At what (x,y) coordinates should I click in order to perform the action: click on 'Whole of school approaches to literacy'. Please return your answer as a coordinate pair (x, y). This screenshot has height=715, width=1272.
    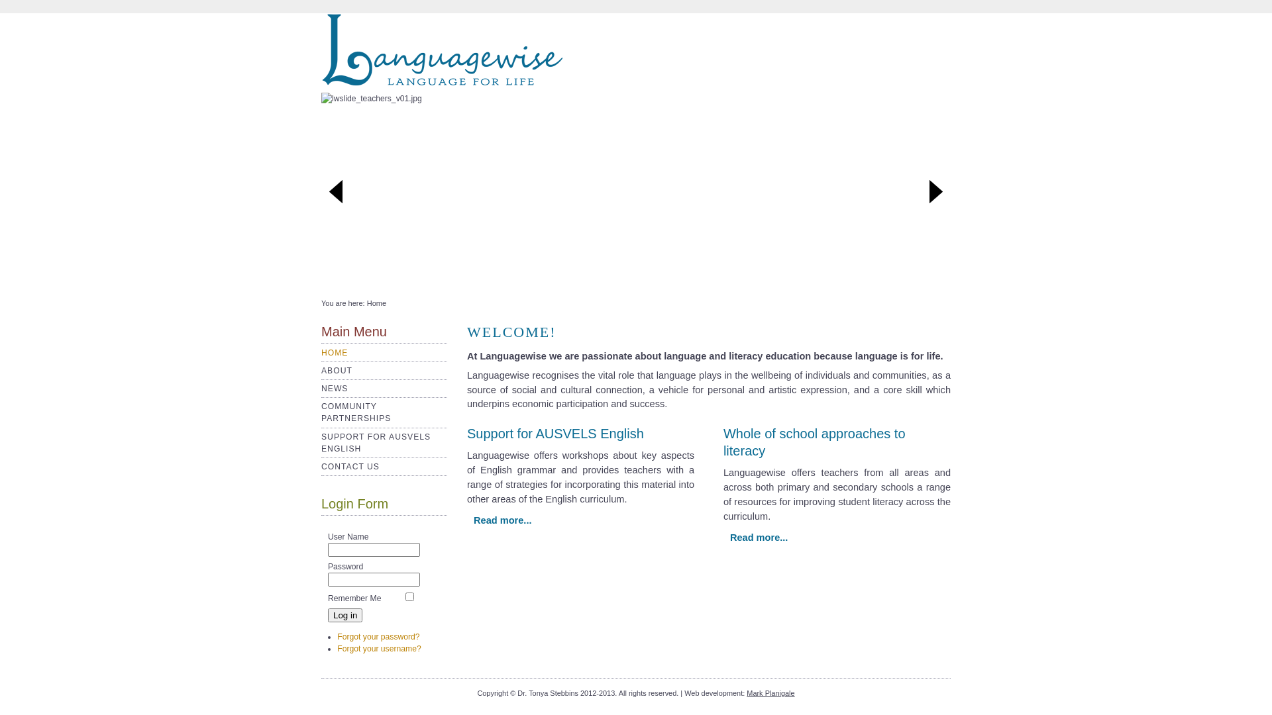
    Looking at the image, I should click on (722, 442).